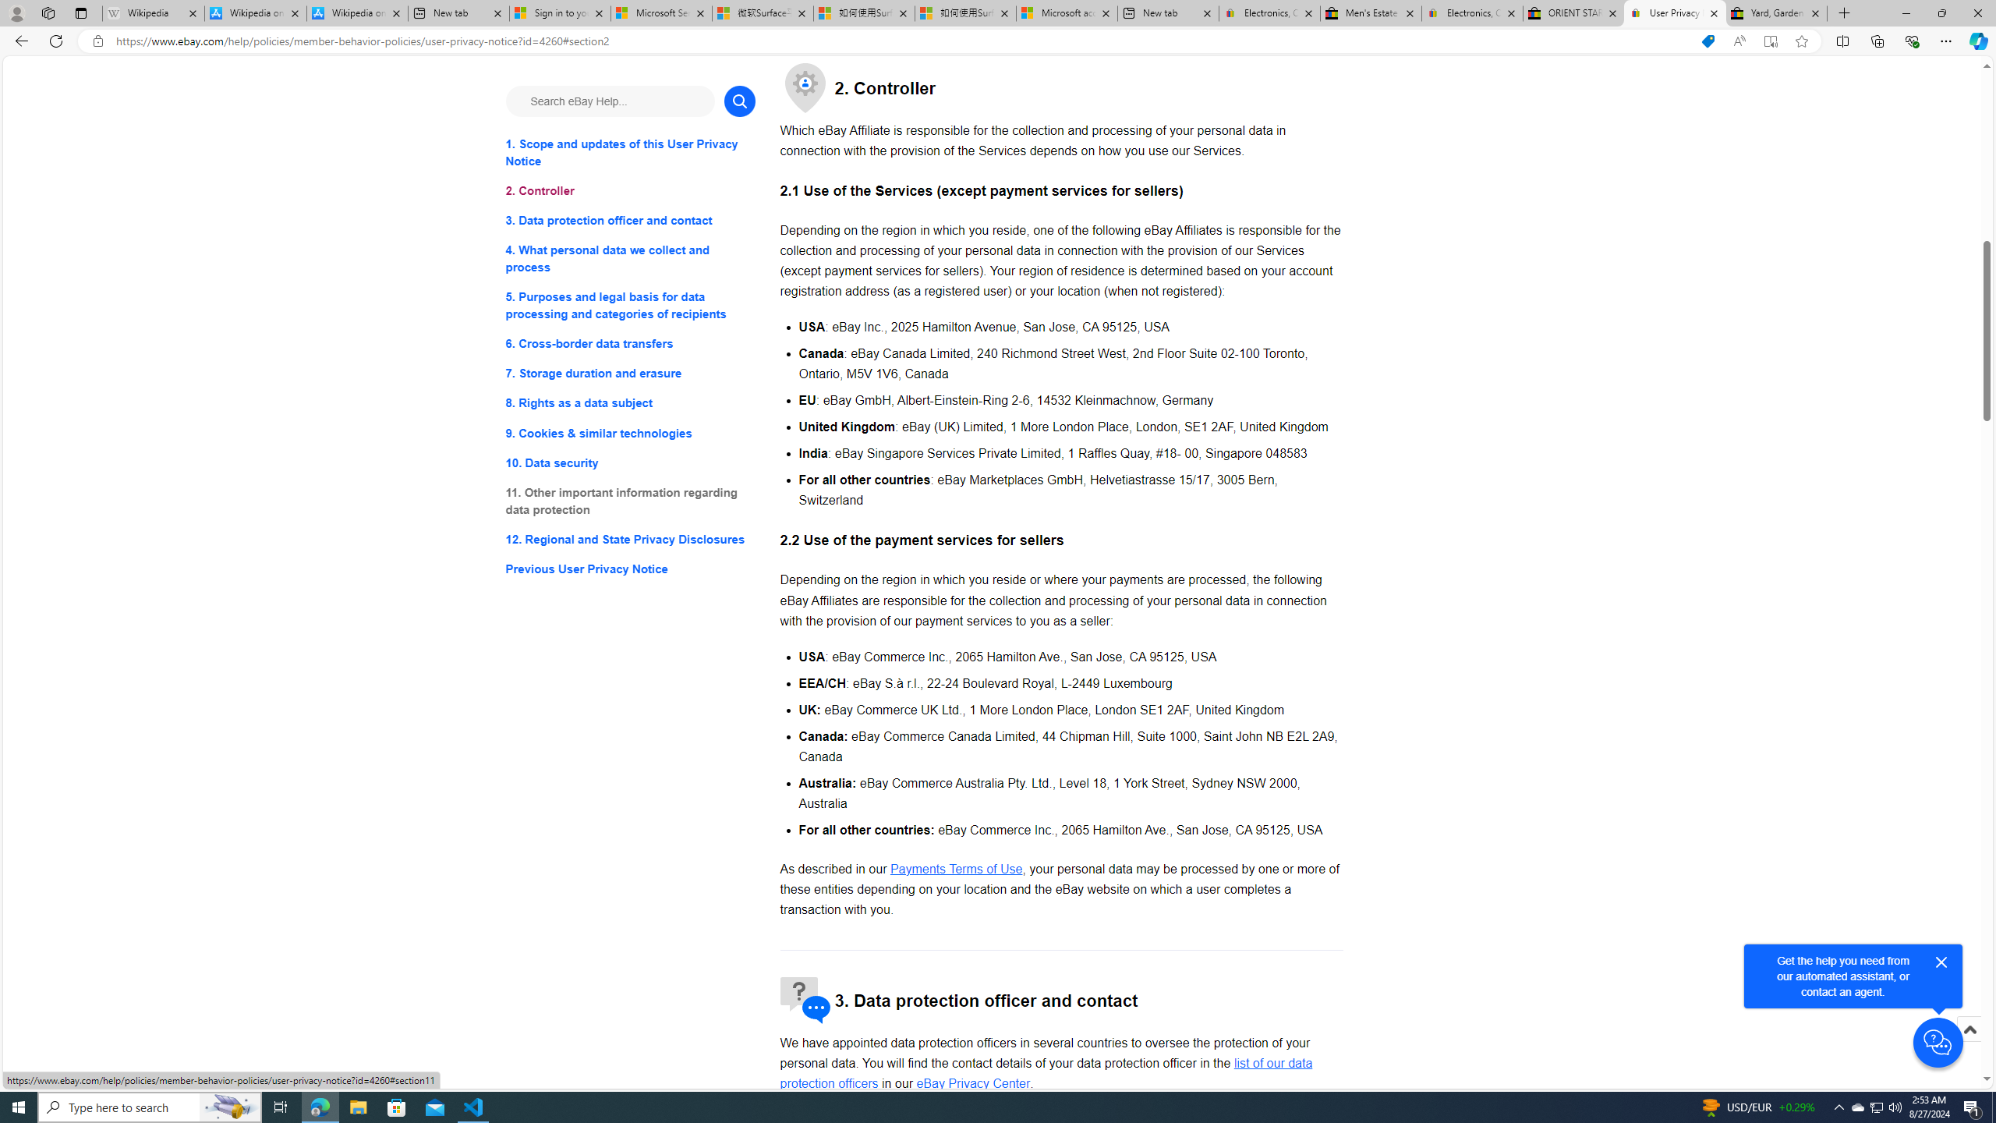  What do you see at coordinates (629, 501) in the screenshot?
I see `'11. Other important information regarding data protection'` at bounding box center [629, 501].